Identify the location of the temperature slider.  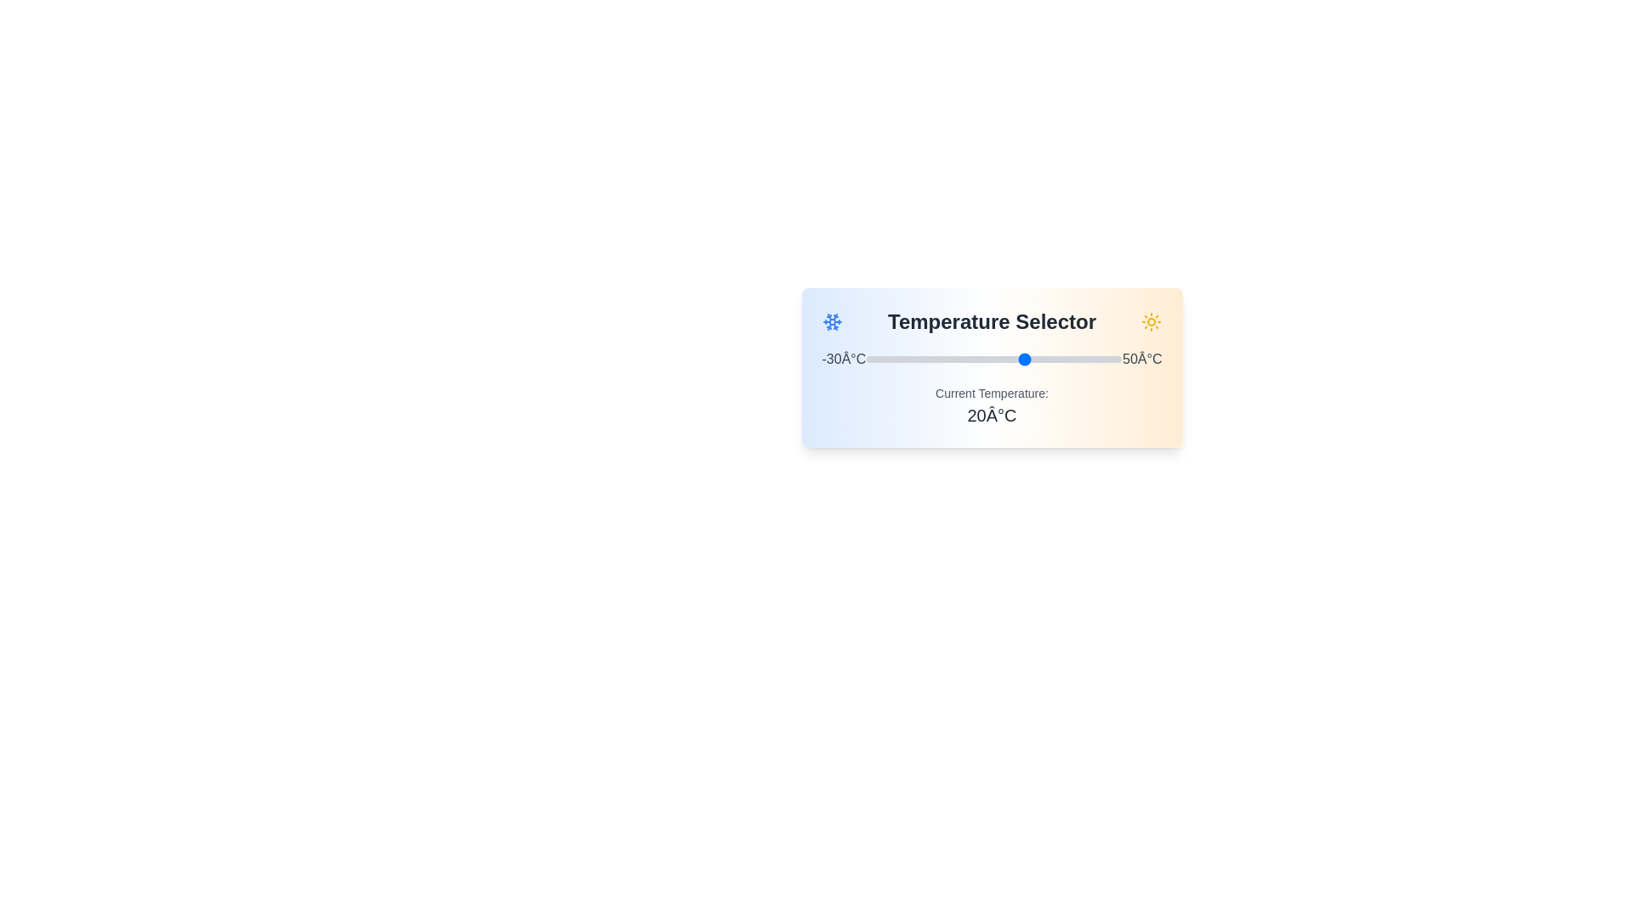
(1016, 359).